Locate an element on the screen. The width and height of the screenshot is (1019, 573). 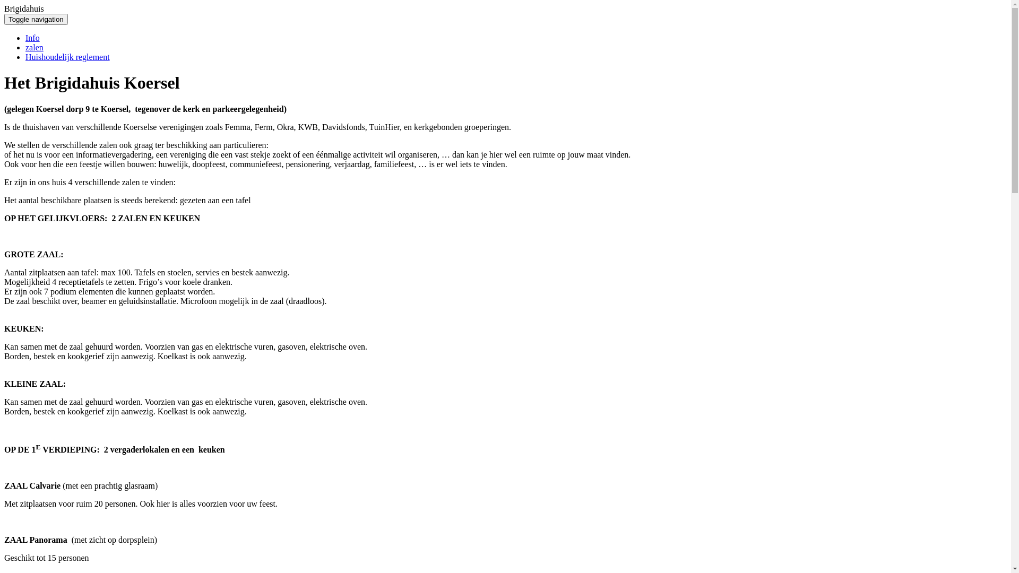
'Toggle navigation' is located at coordinates (36, 19).